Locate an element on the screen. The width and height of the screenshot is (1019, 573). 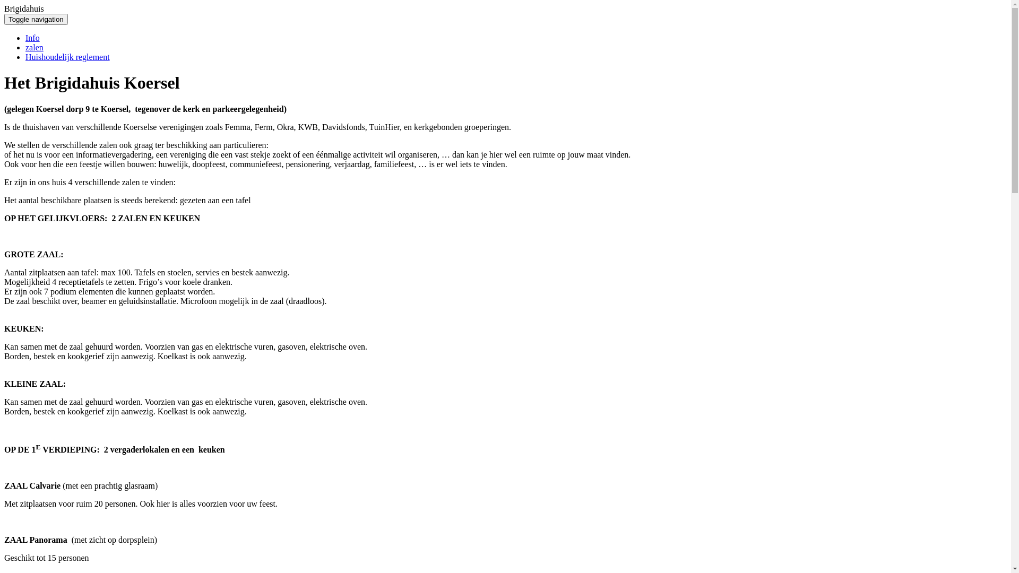
'Toggle navigation' is located at coordinates (36, 19).